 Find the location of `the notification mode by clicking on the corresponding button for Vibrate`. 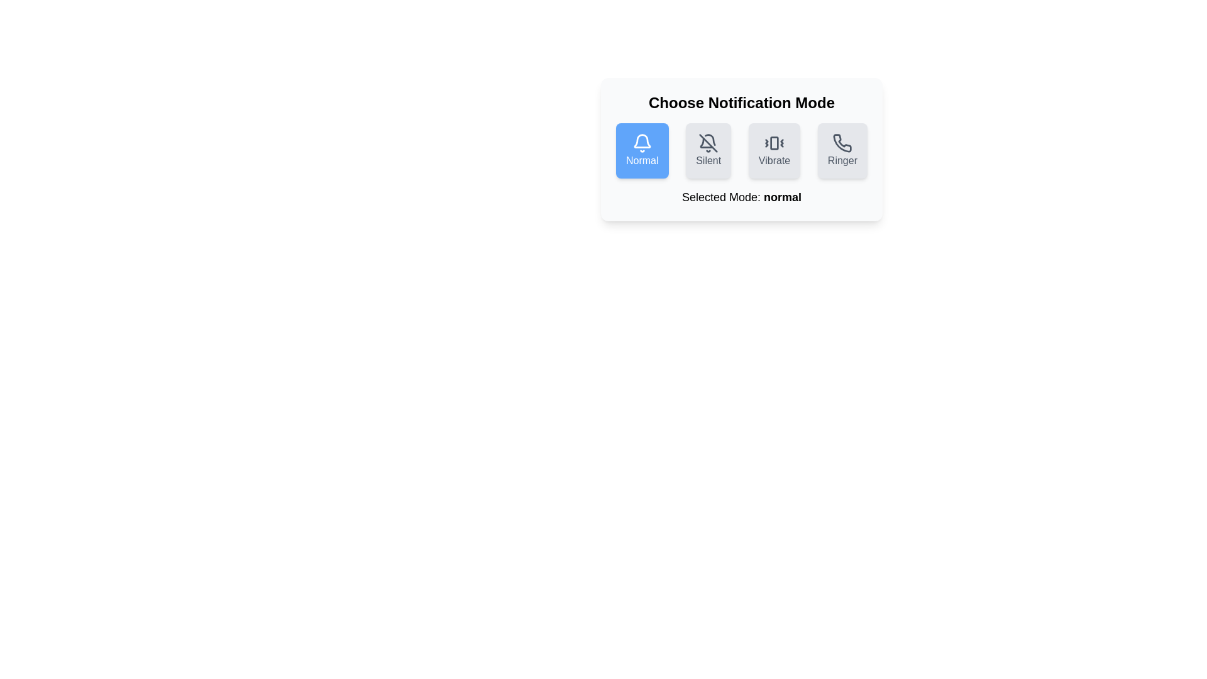

the notification mode by clicking on the corresponding button for Vibrate is located at coordinates (774, 150).